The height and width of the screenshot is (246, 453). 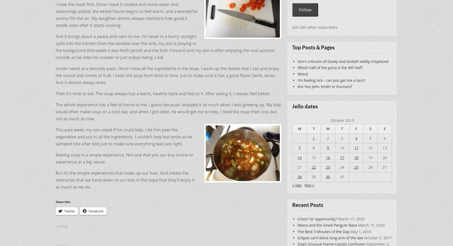 I want to click on 'Nov »', so click(x=309, y=184).